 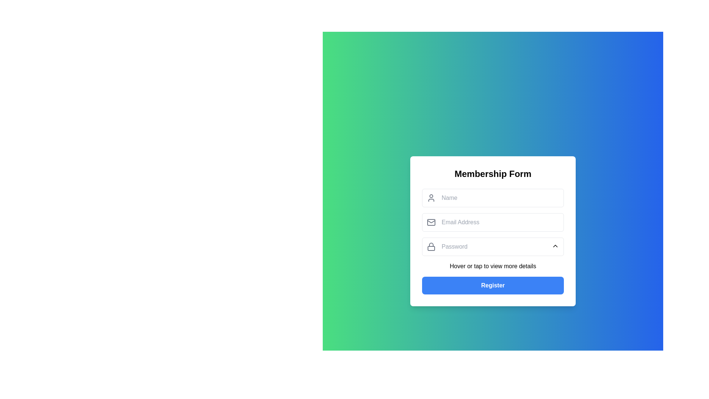 I want to click on the title Text element at the top of the interactive form interface, which serves to inform users of the form's purpose, so click(x=493, y=174).